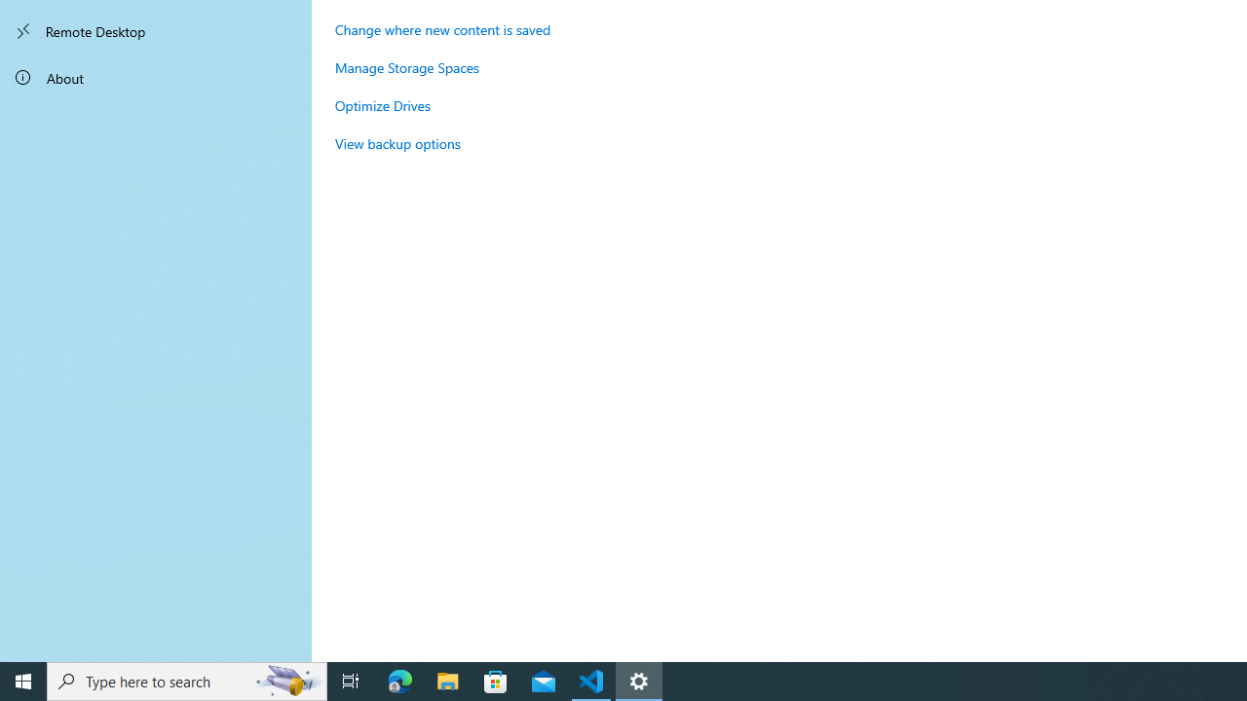 The image size is (1247, 701). I want to click on 'Start', so click(23, 680).